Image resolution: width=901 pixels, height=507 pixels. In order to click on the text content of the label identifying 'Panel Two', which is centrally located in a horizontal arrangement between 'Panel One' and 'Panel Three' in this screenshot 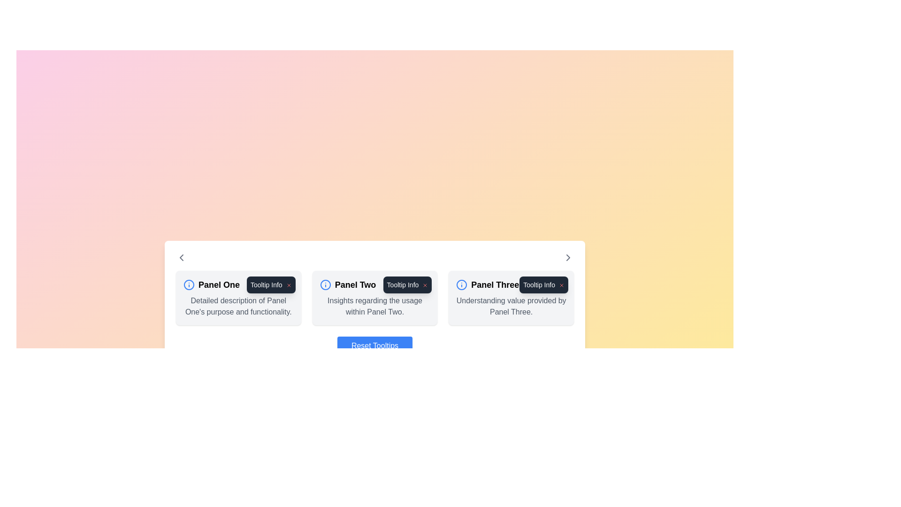, I will do `click(355, 284)`.